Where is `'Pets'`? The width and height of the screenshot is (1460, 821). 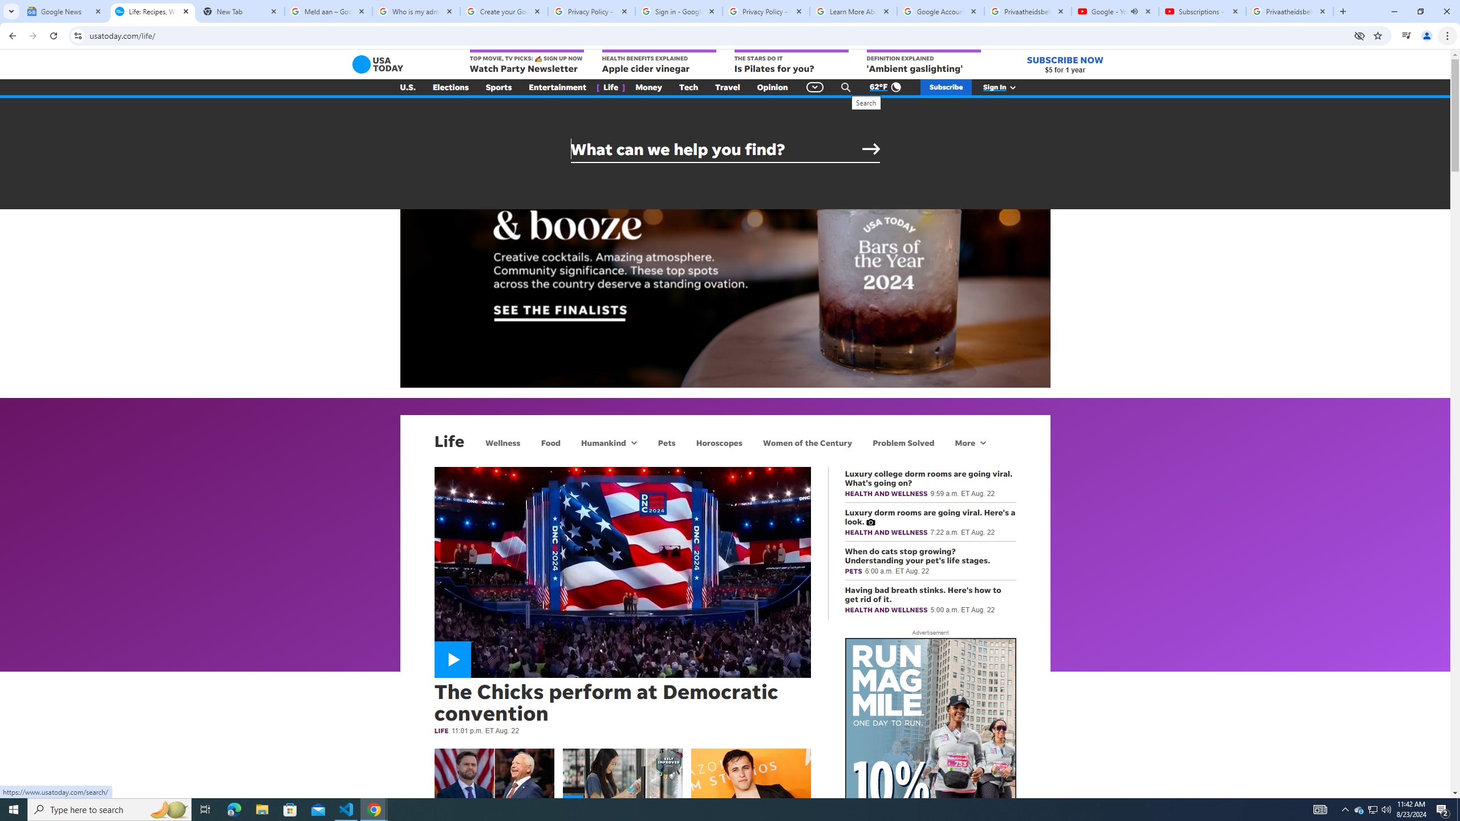 'Pets' is located at coordinates (666, 442).